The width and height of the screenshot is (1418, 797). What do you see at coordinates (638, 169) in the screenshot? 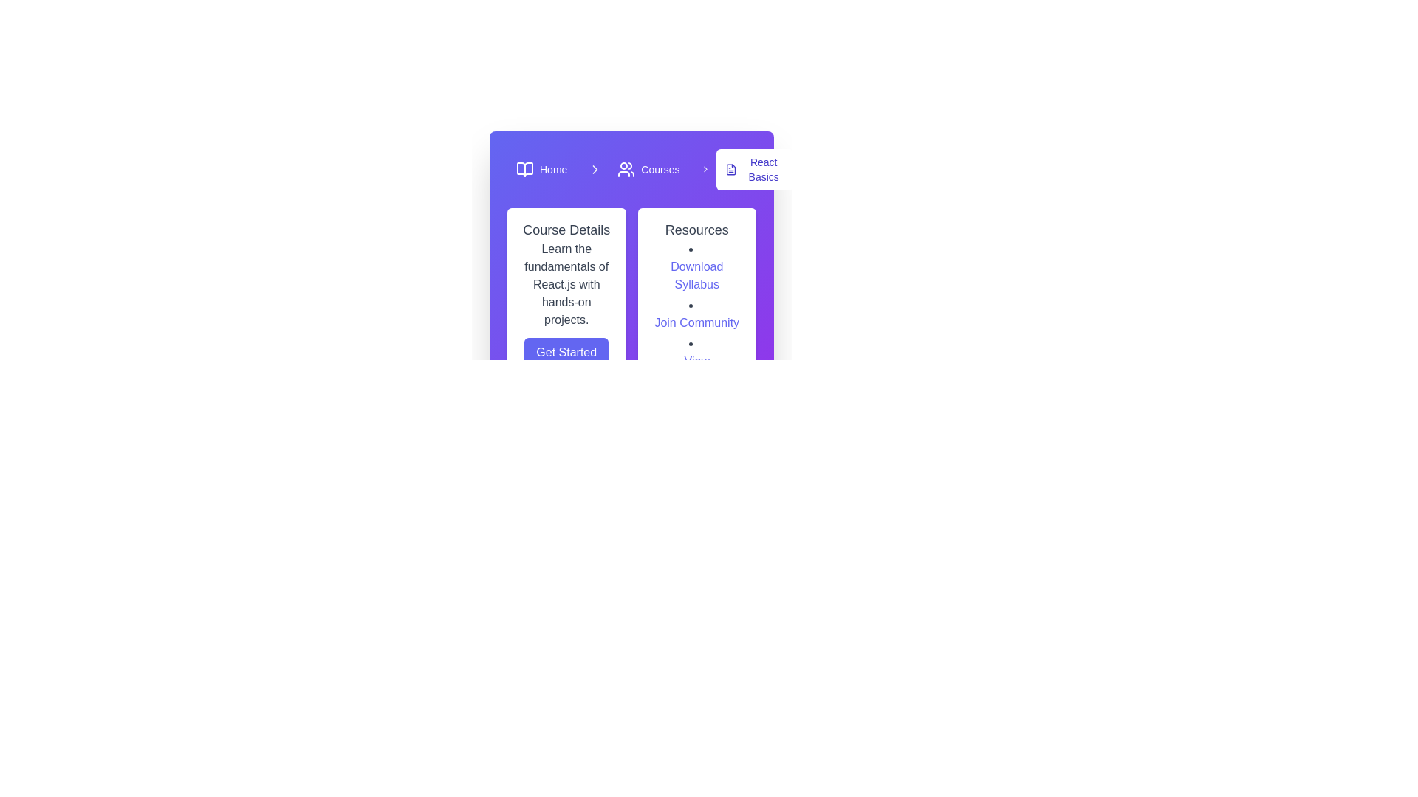
I see `the second breadcrumb item in the navigation bar` at bounding box center [638, 169].